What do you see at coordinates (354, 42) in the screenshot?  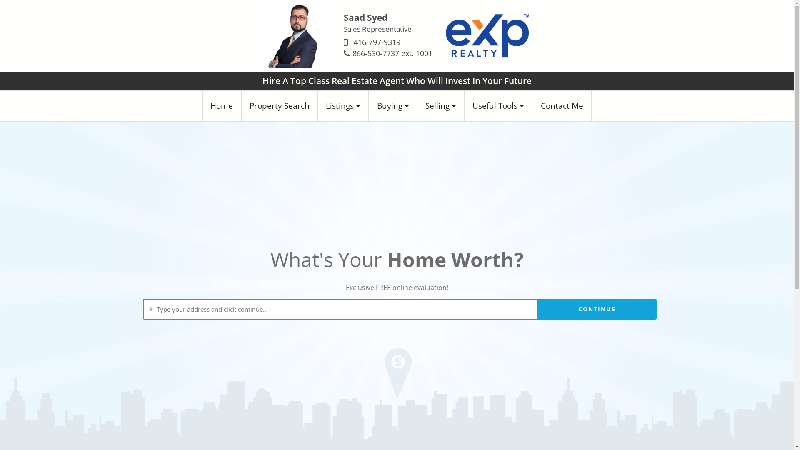 I see `'416-797-9319'` at bounding box center [354, 42].